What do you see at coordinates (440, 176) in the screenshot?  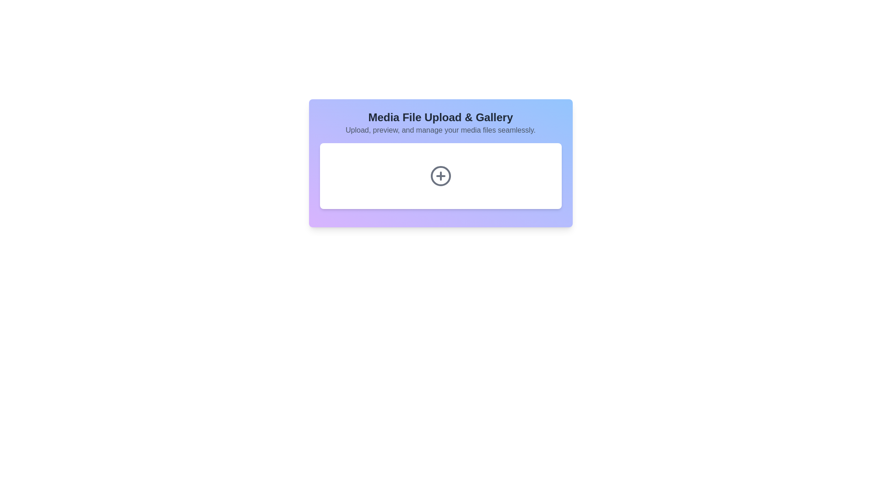 I see `the outer circular component of the plus icon located centrally beneath the 'Media File Upload & Gallery' header` at bounding box center [440, 176].